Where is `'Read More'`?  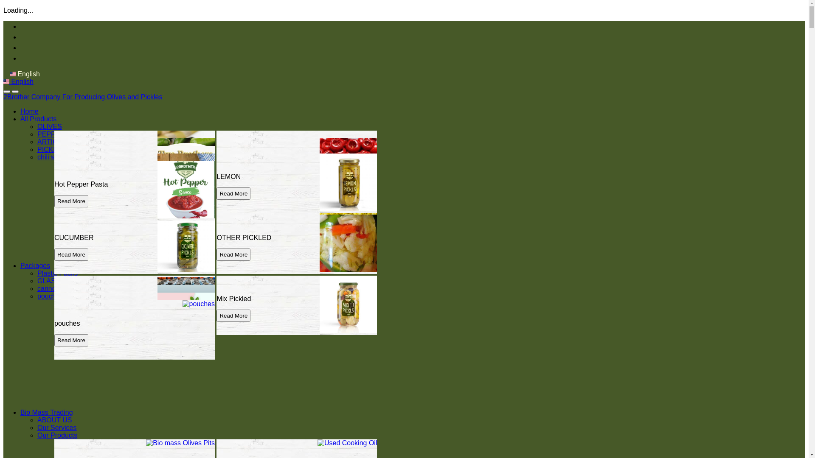
'Read More' is located at coordinates (233, 232).